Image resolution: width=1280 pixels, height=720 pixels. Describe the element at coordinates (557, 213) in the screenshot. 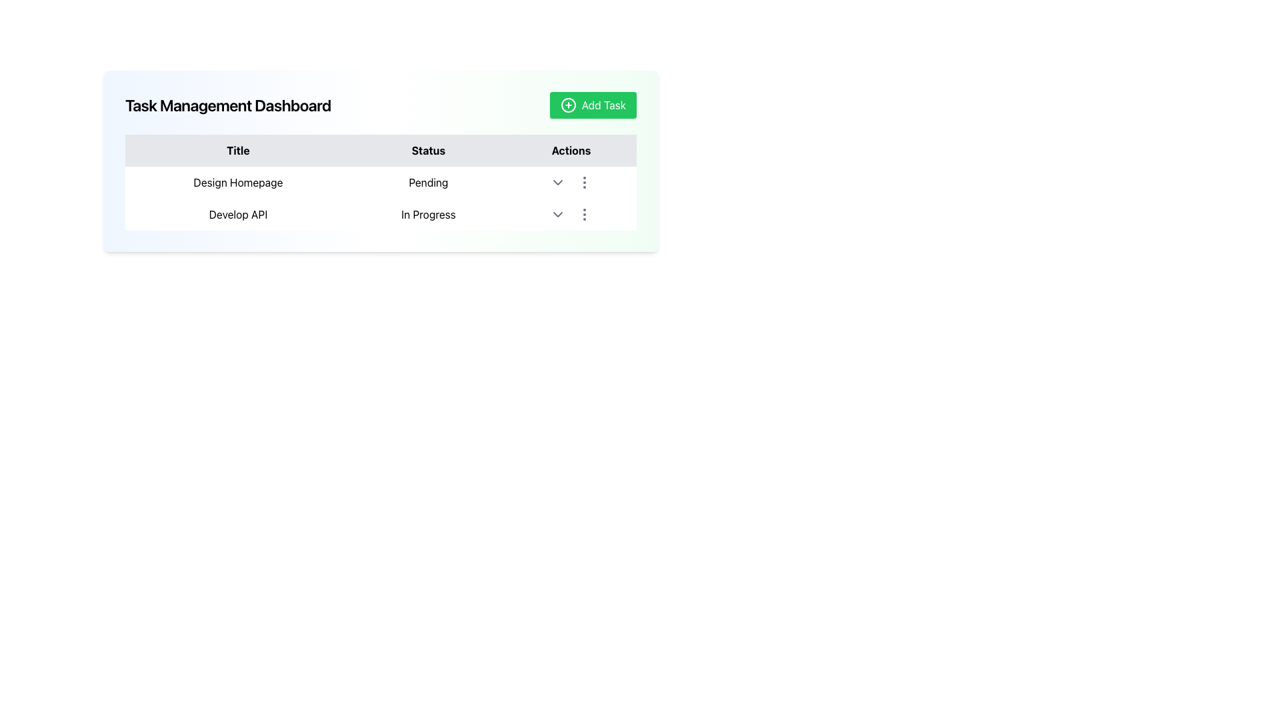

I see `the downward-facing gray chevron icon in the 'Actions' column of the second row` at that location.